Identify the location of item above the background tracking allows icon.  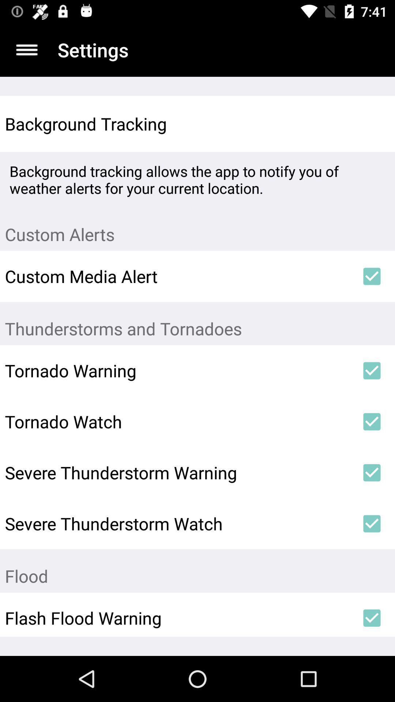
(372, 124).